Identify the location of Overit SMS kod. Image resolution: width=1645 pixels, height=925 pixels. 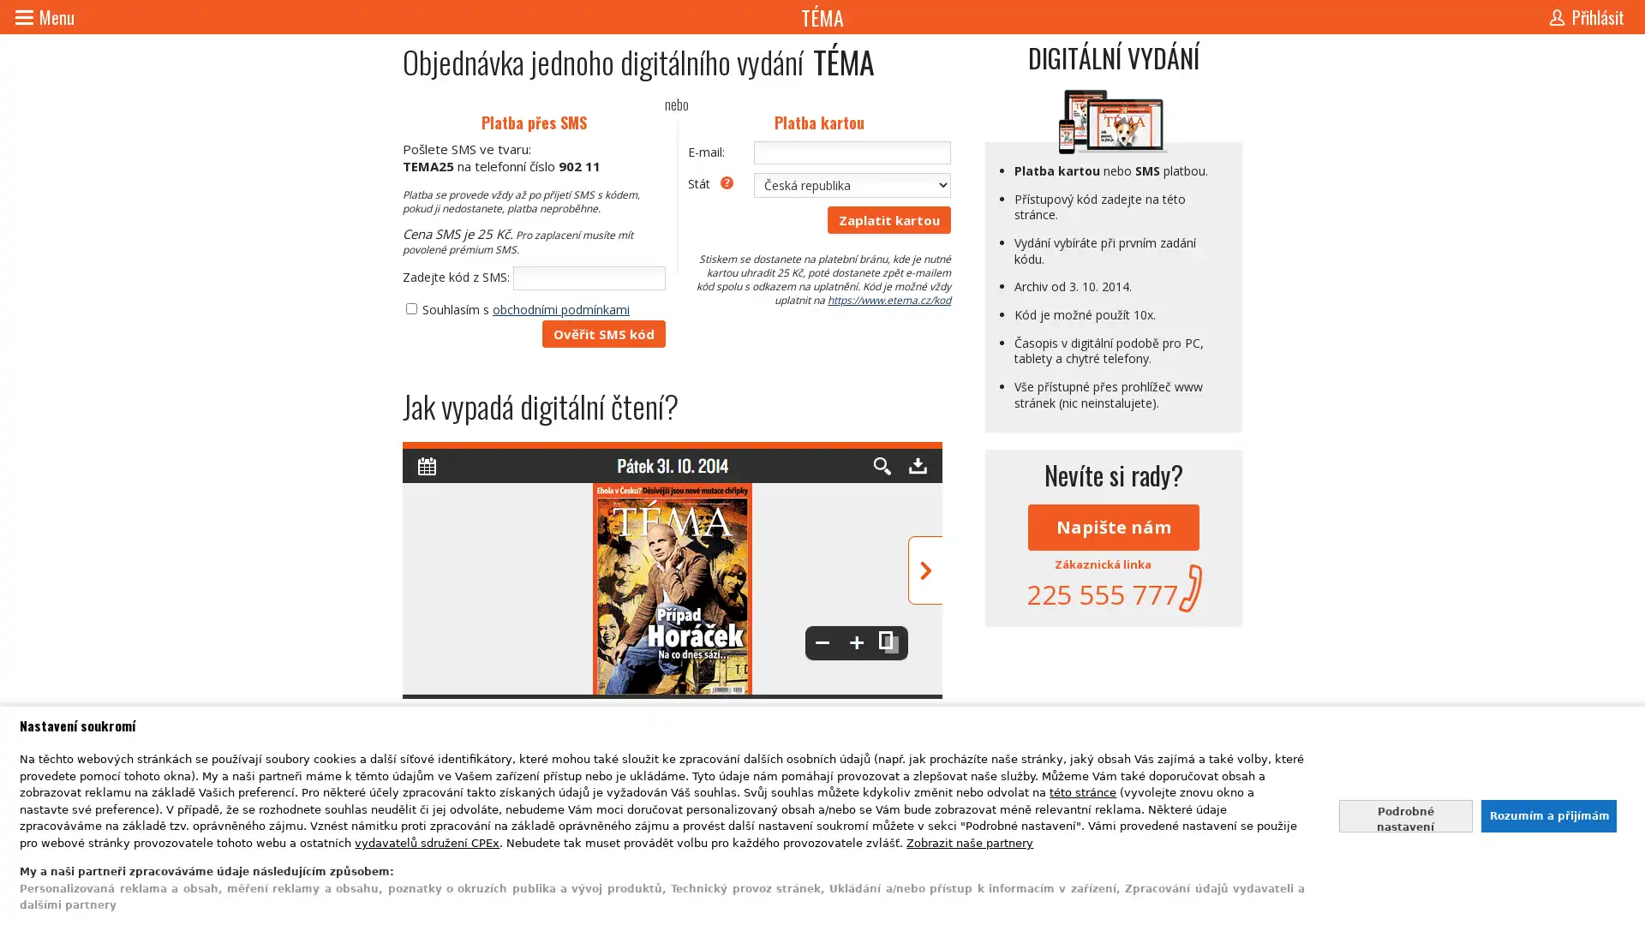
(604, 333).